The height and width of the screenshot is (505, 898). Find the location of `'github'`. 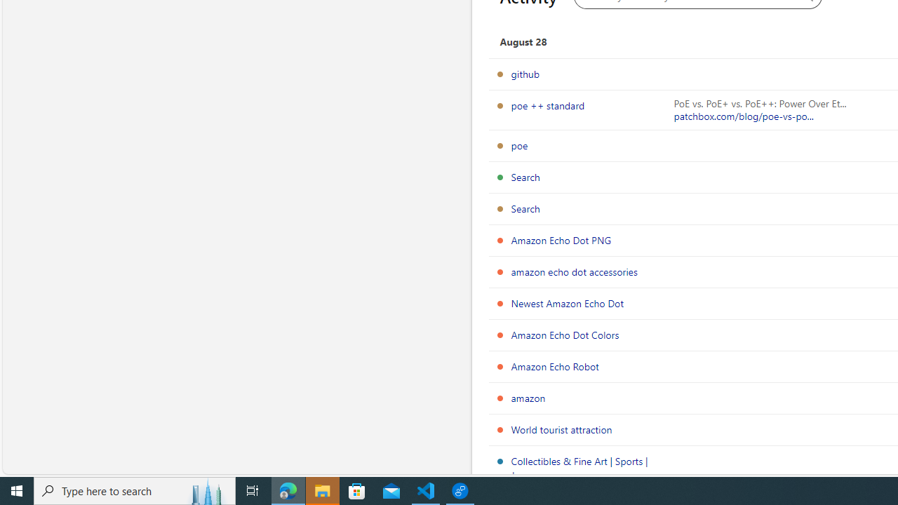

'github' is located at coordinates (524, 74).